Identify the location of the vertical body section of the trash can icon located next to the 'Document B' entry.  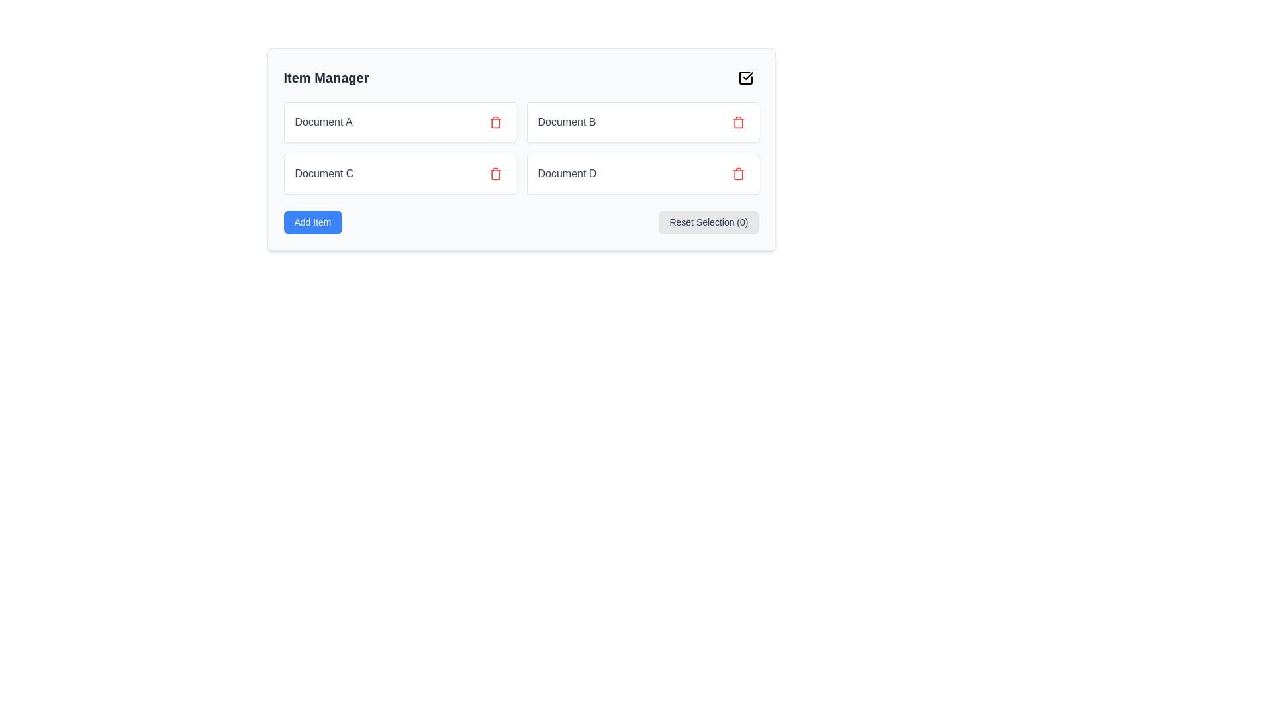
(737, 123).